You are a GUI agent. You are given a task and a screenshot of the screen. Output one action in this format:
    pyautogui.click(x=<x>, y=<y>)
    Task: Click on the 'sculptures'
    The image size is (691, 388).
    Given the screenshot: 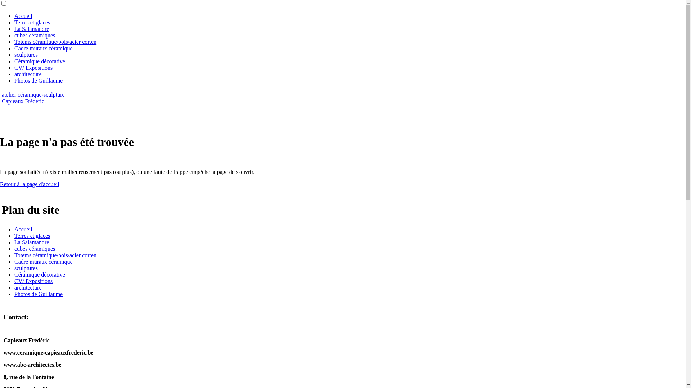 What is the action you would take?
    pyautogui.click(x=26, y=54)
    